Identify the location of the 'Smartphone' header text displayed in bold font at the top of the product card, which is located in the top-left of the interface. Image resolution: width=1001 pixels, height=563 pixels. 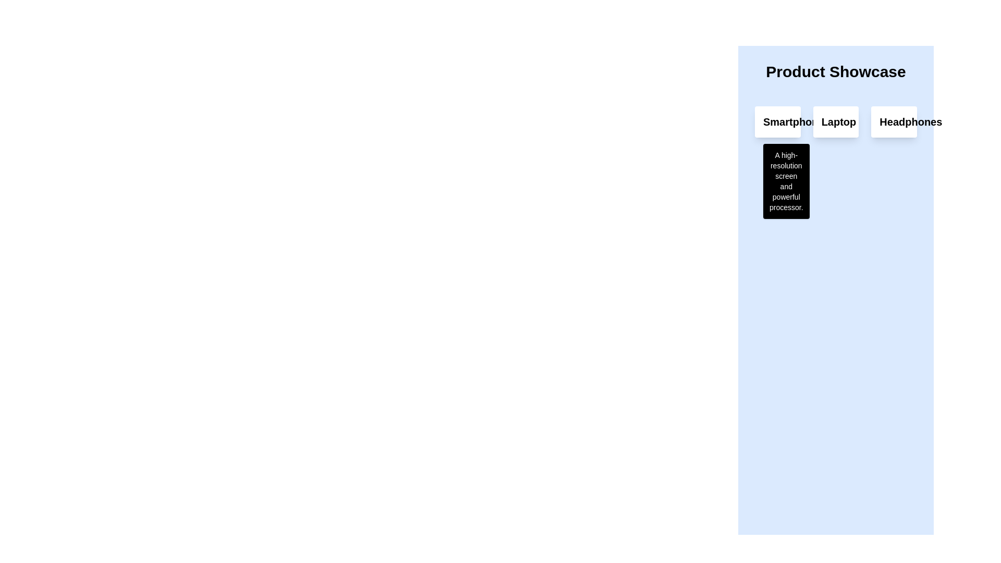
(777, 121).